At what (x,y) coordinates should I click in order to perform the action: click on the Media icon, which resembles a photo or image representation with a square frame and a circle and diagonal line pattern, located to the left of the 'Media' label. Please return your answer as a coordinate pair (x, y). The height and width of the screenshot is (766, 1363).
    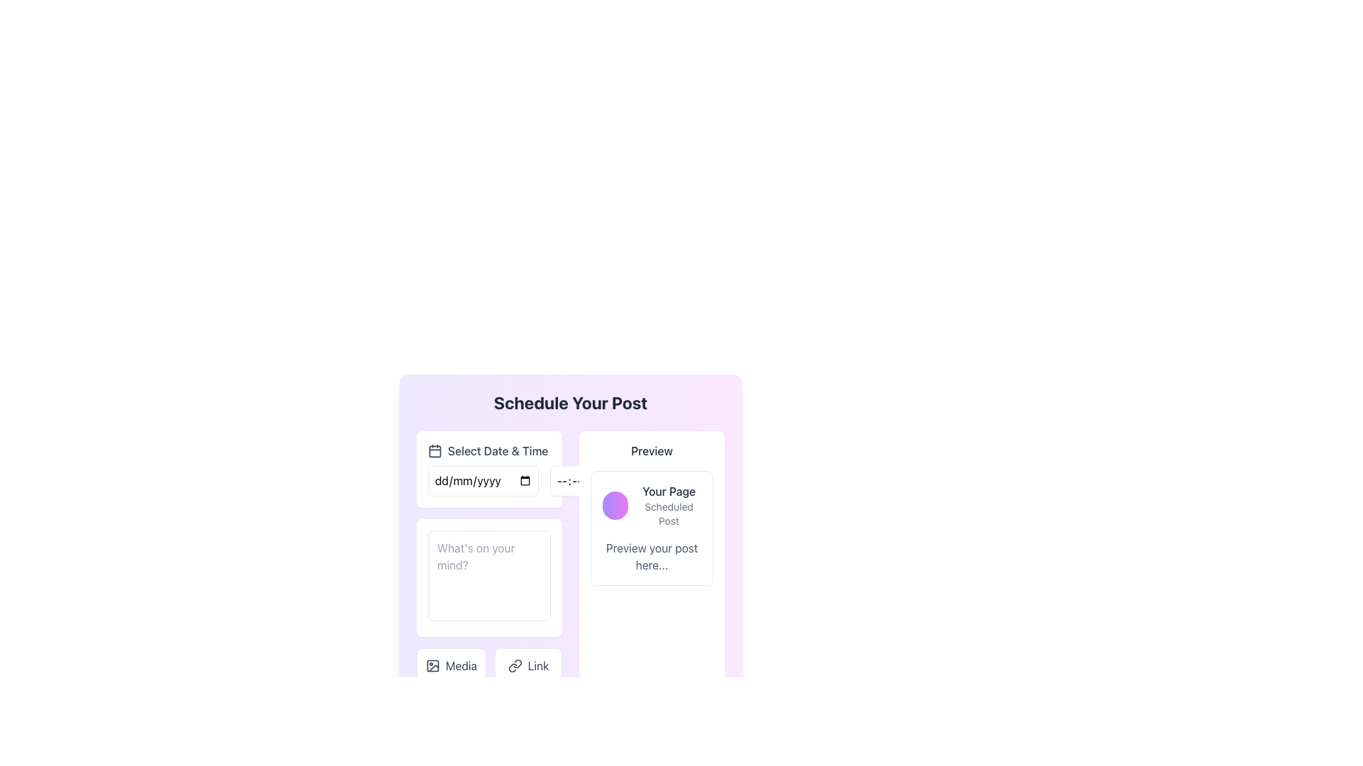
    Looking at the image, I should click on (432, 665).